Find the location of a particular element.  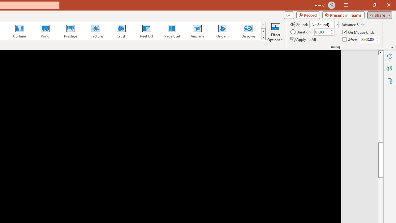

'Sound' is located at coordinates (324, 24).